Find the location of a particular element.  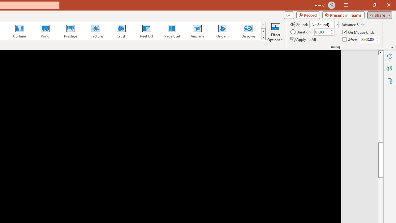

'Sound' is located at coordinates (324, 24).